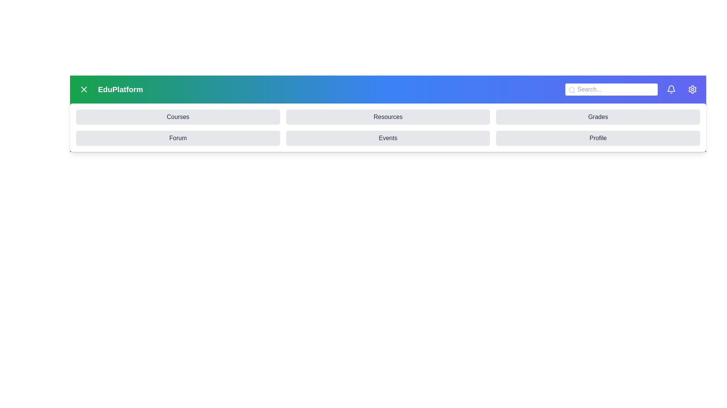 The width and height of the screenshot is (727, 408). Describe the element at coordinates (120, 89) in the screenshot. I see `the header text 'EduPlatform' to select it` at that location.